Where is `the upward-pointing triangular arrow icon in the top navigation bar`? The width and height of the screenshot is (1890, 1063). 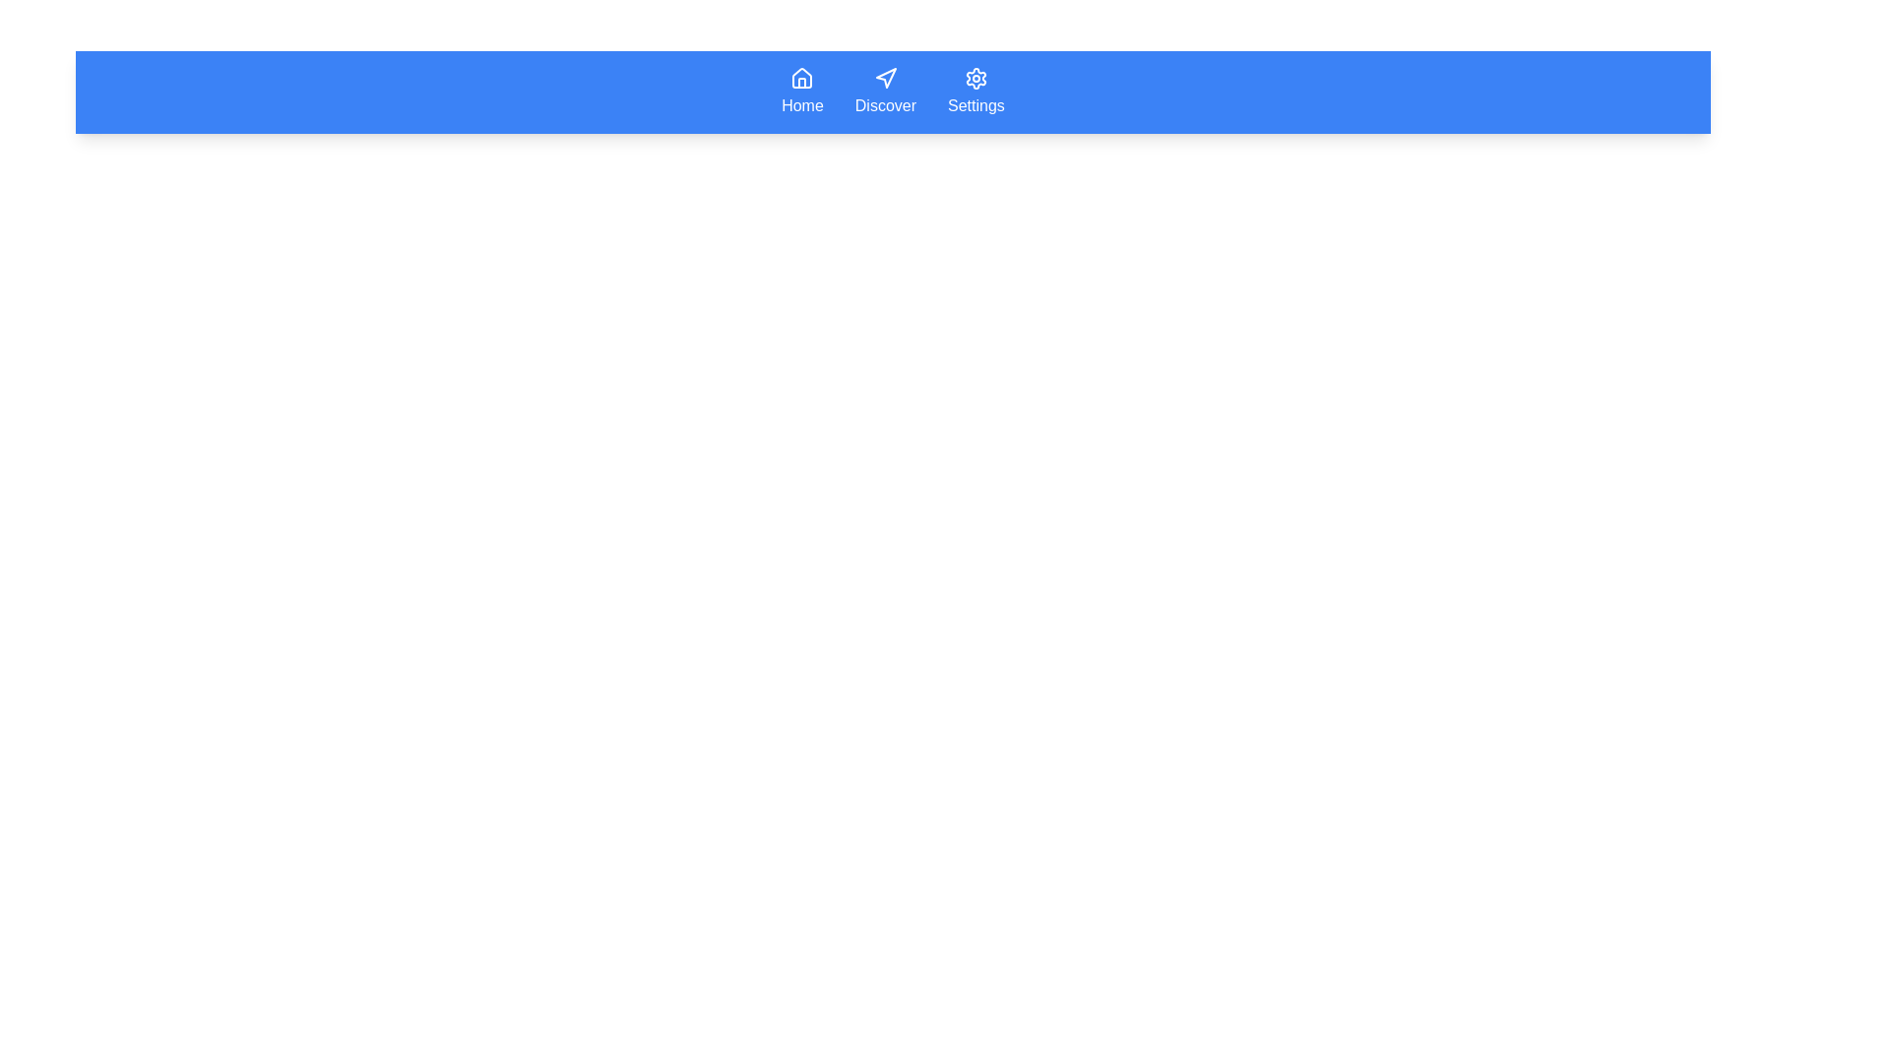
the upward-pointing triangular arrow icon in the top navigation bar is located at coordinates (885, 77).